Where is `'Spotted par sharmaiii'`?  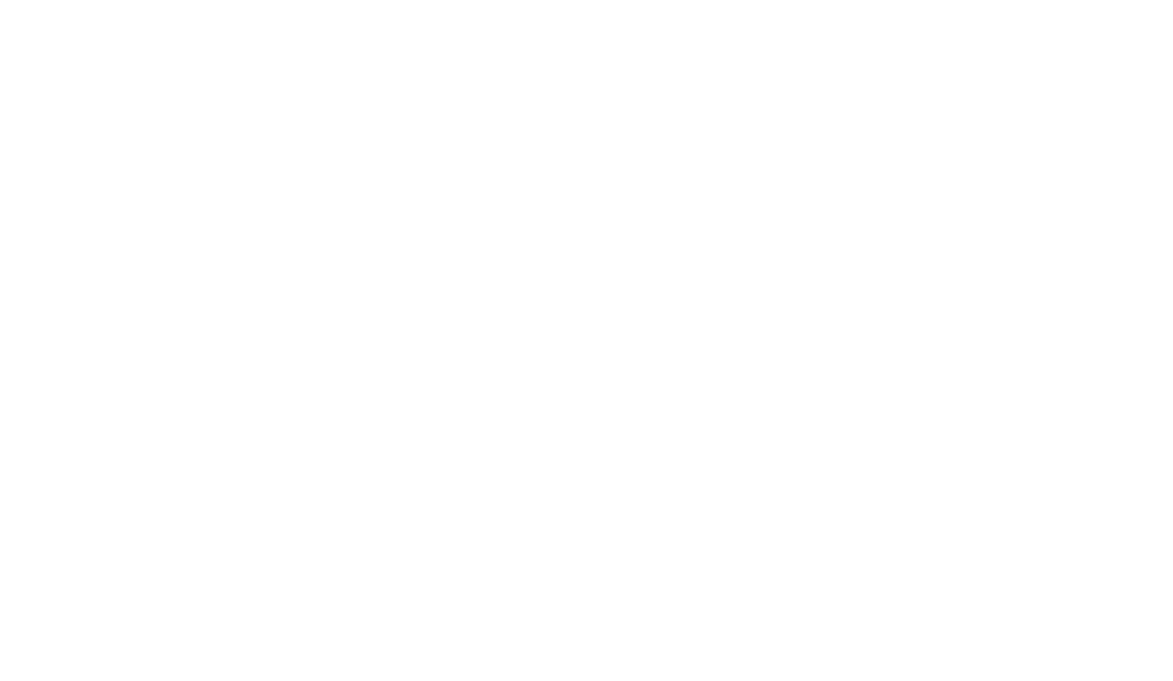
'Spotted par sharmaiii' is located at coordinates (533, 476).